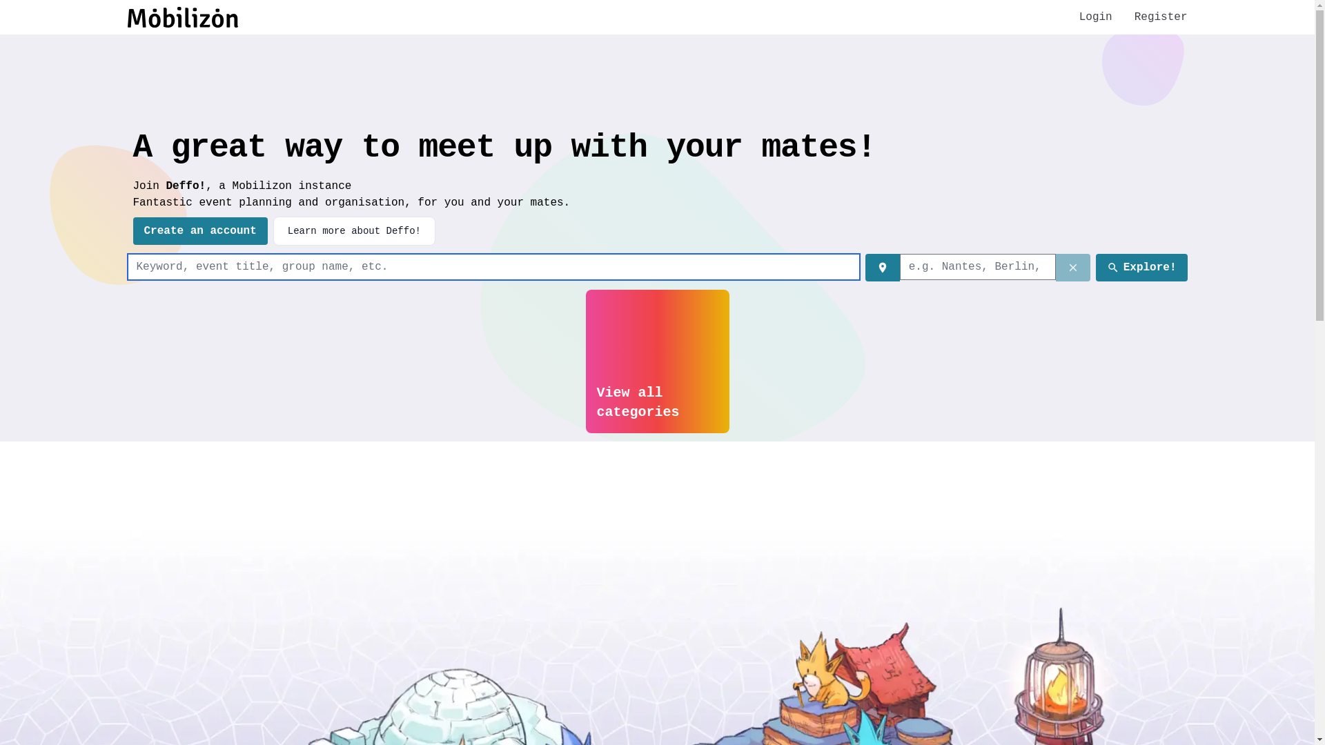  I want to click on 'Create an account', so click(132, 230).